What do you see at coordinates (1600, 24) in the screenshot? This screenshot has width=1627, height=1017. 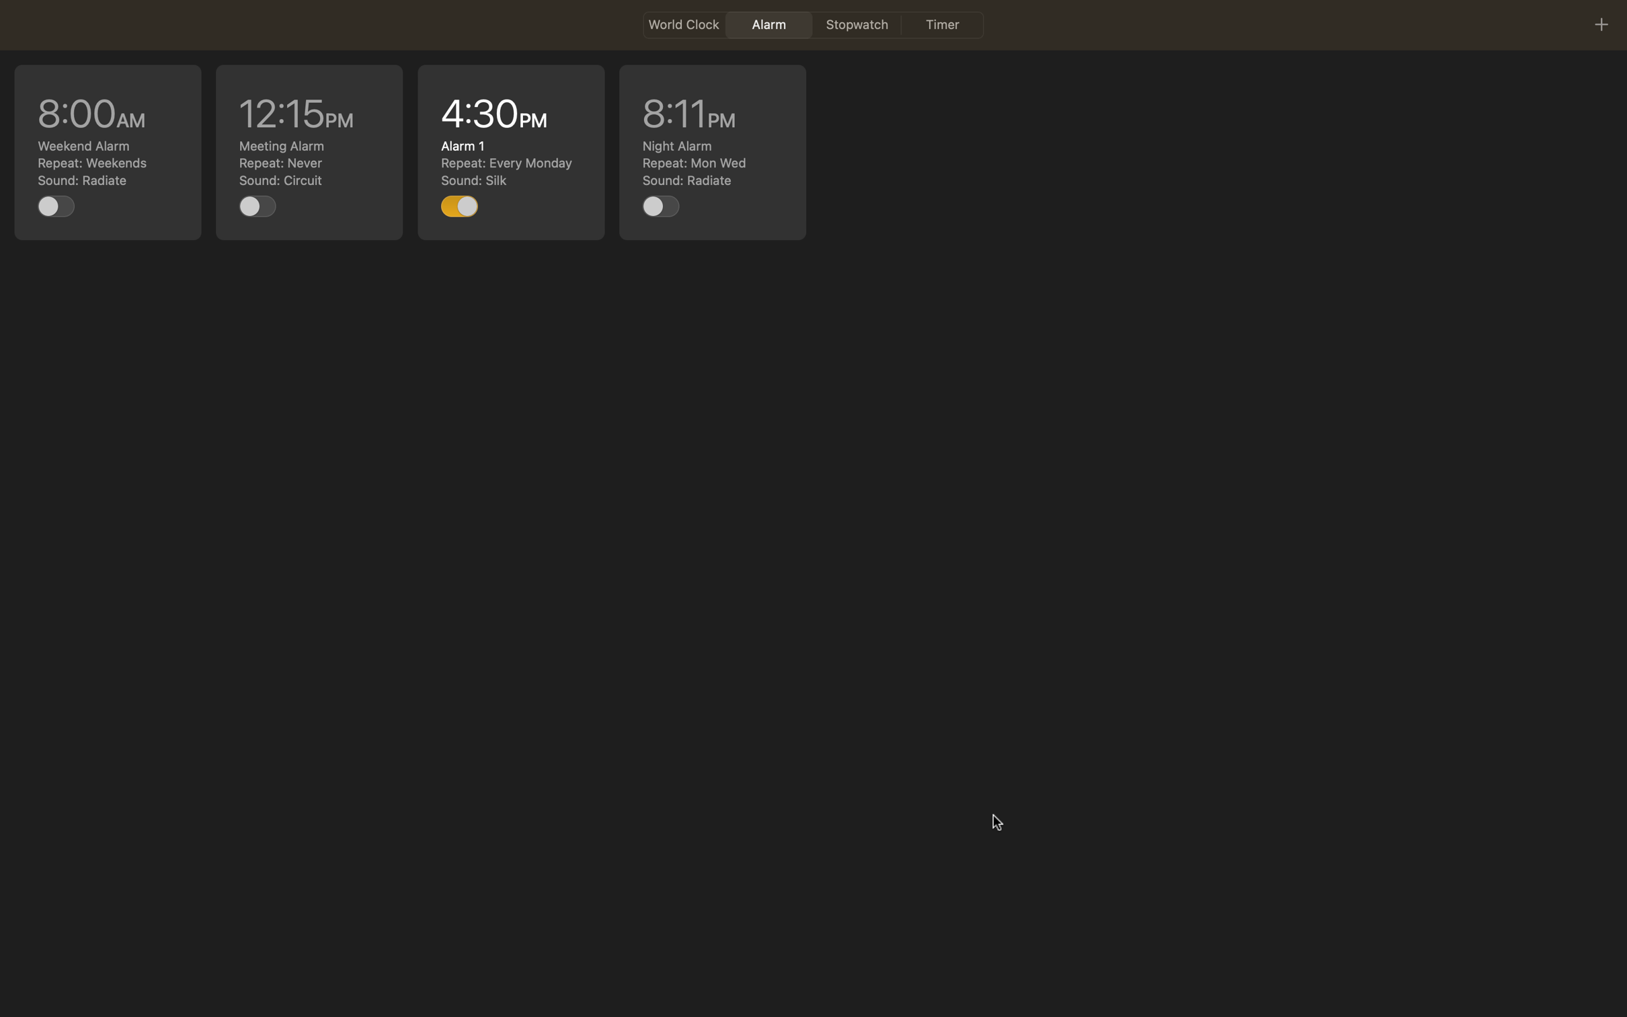 I see `Add a new task by clicking the plus icon` at bounding box center [1600, 24].